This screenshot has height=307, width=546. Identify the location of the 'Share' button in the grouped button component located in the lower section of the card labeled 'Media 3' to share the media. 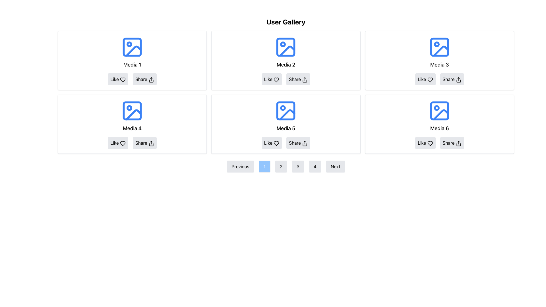
(439, 79).